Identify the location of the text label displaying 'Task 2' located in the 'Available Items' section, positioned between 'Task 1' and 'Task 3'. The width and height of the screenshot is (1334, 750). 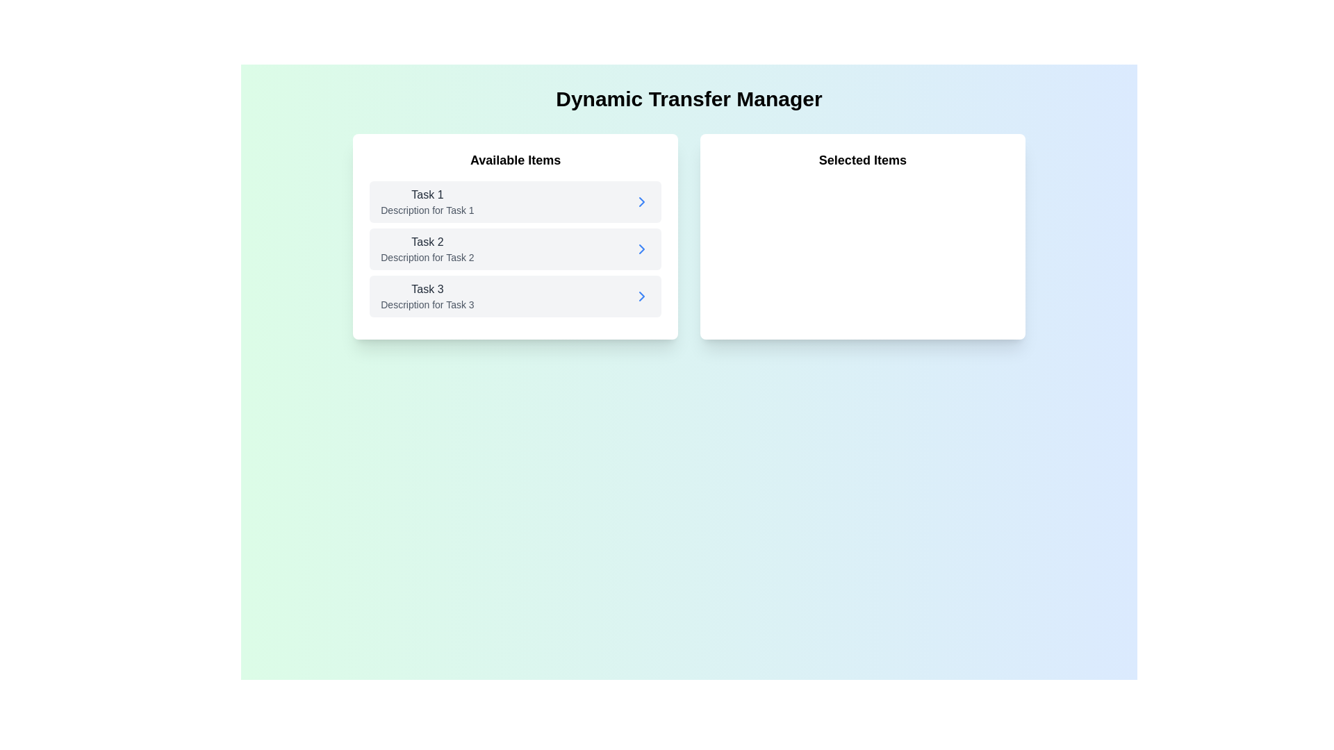
(427, 248).